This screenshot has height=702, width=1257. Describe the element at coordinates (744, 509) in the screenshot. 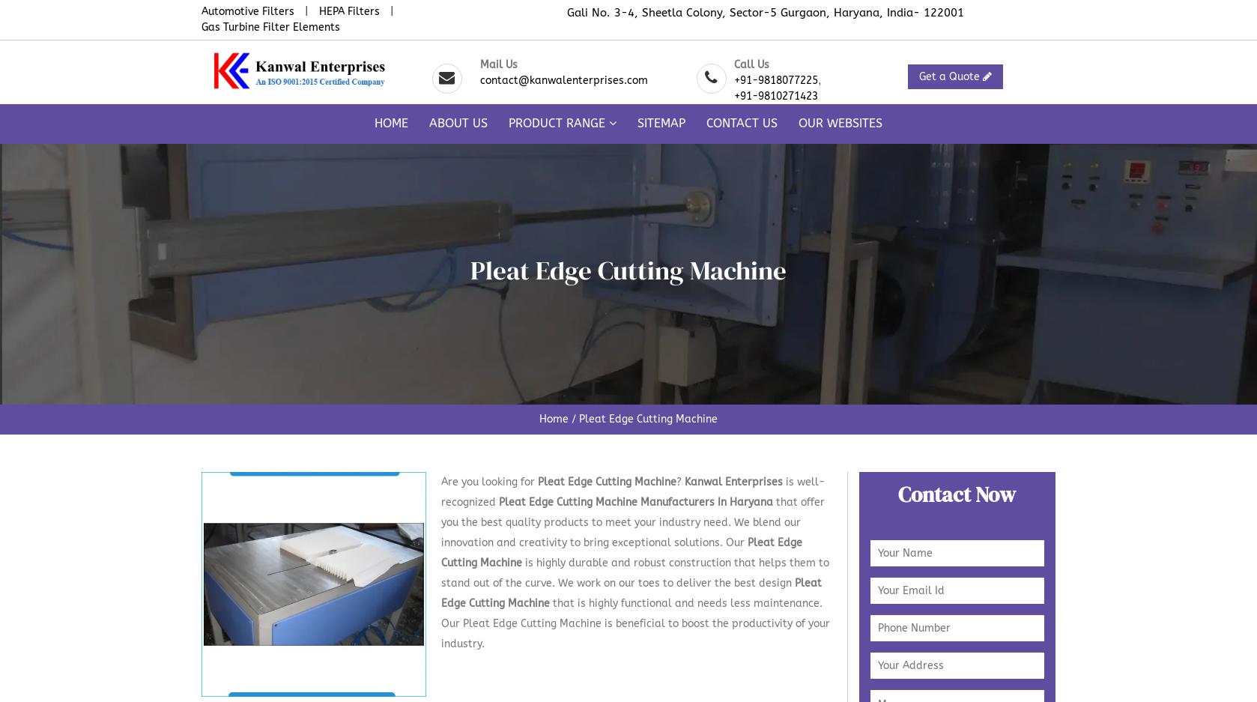

I see `'Cap Pressing Unit'` at that location.